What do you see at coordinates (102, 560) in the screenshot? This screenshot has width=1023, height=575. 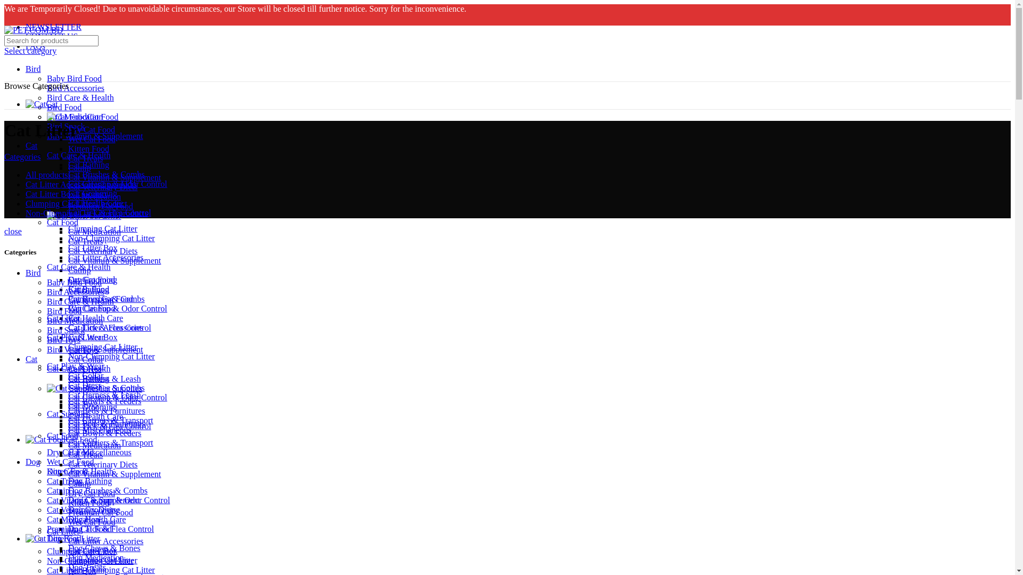 I see `'Clumping Cat Litter'` at bounding box center [102, 560].